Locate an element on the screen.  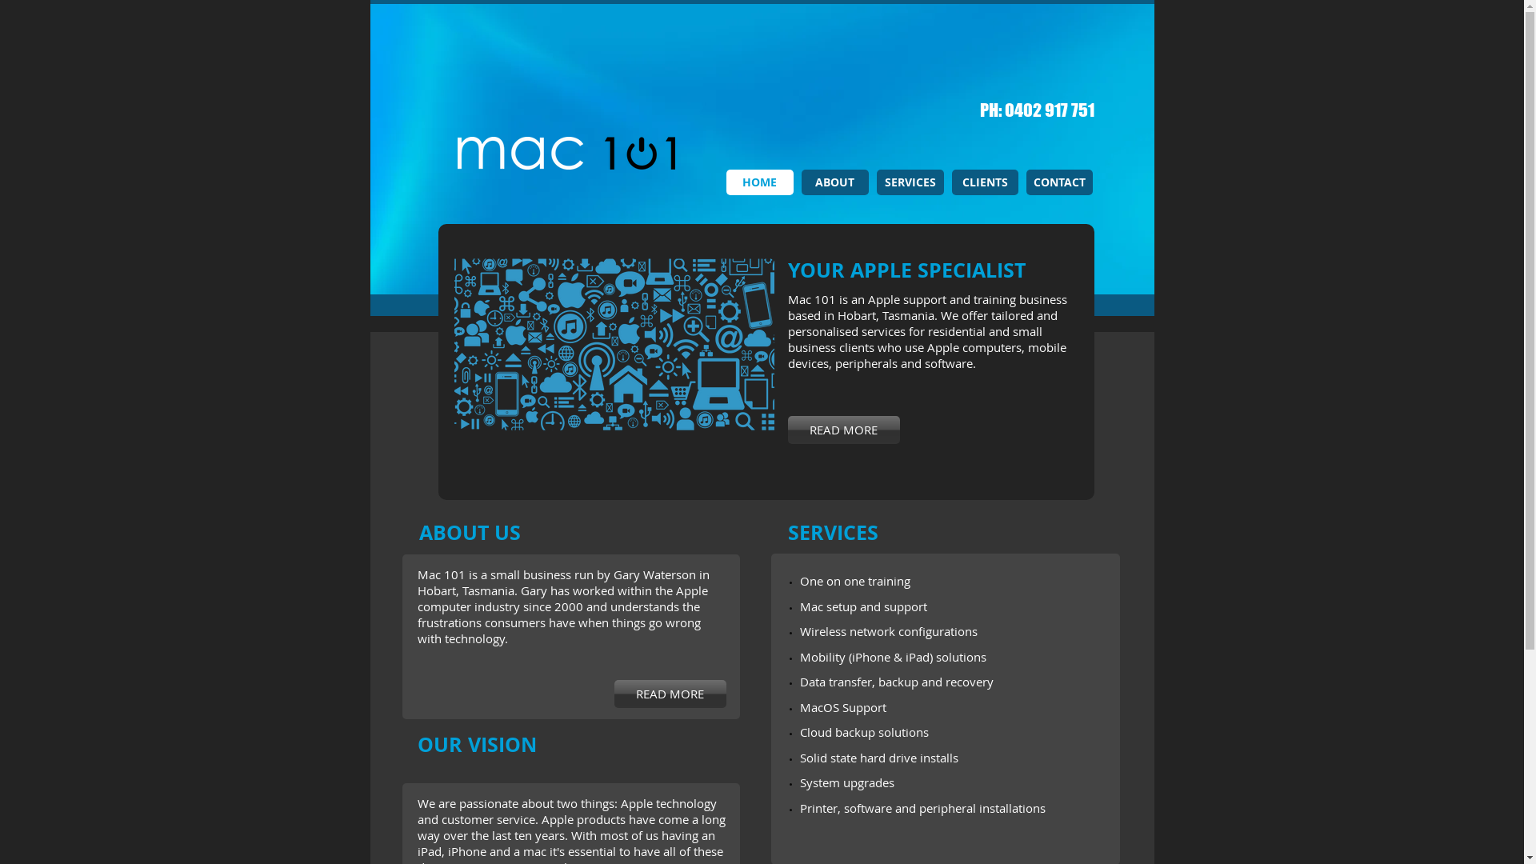
'CONTACT' is located at coordinates (1025, 181).